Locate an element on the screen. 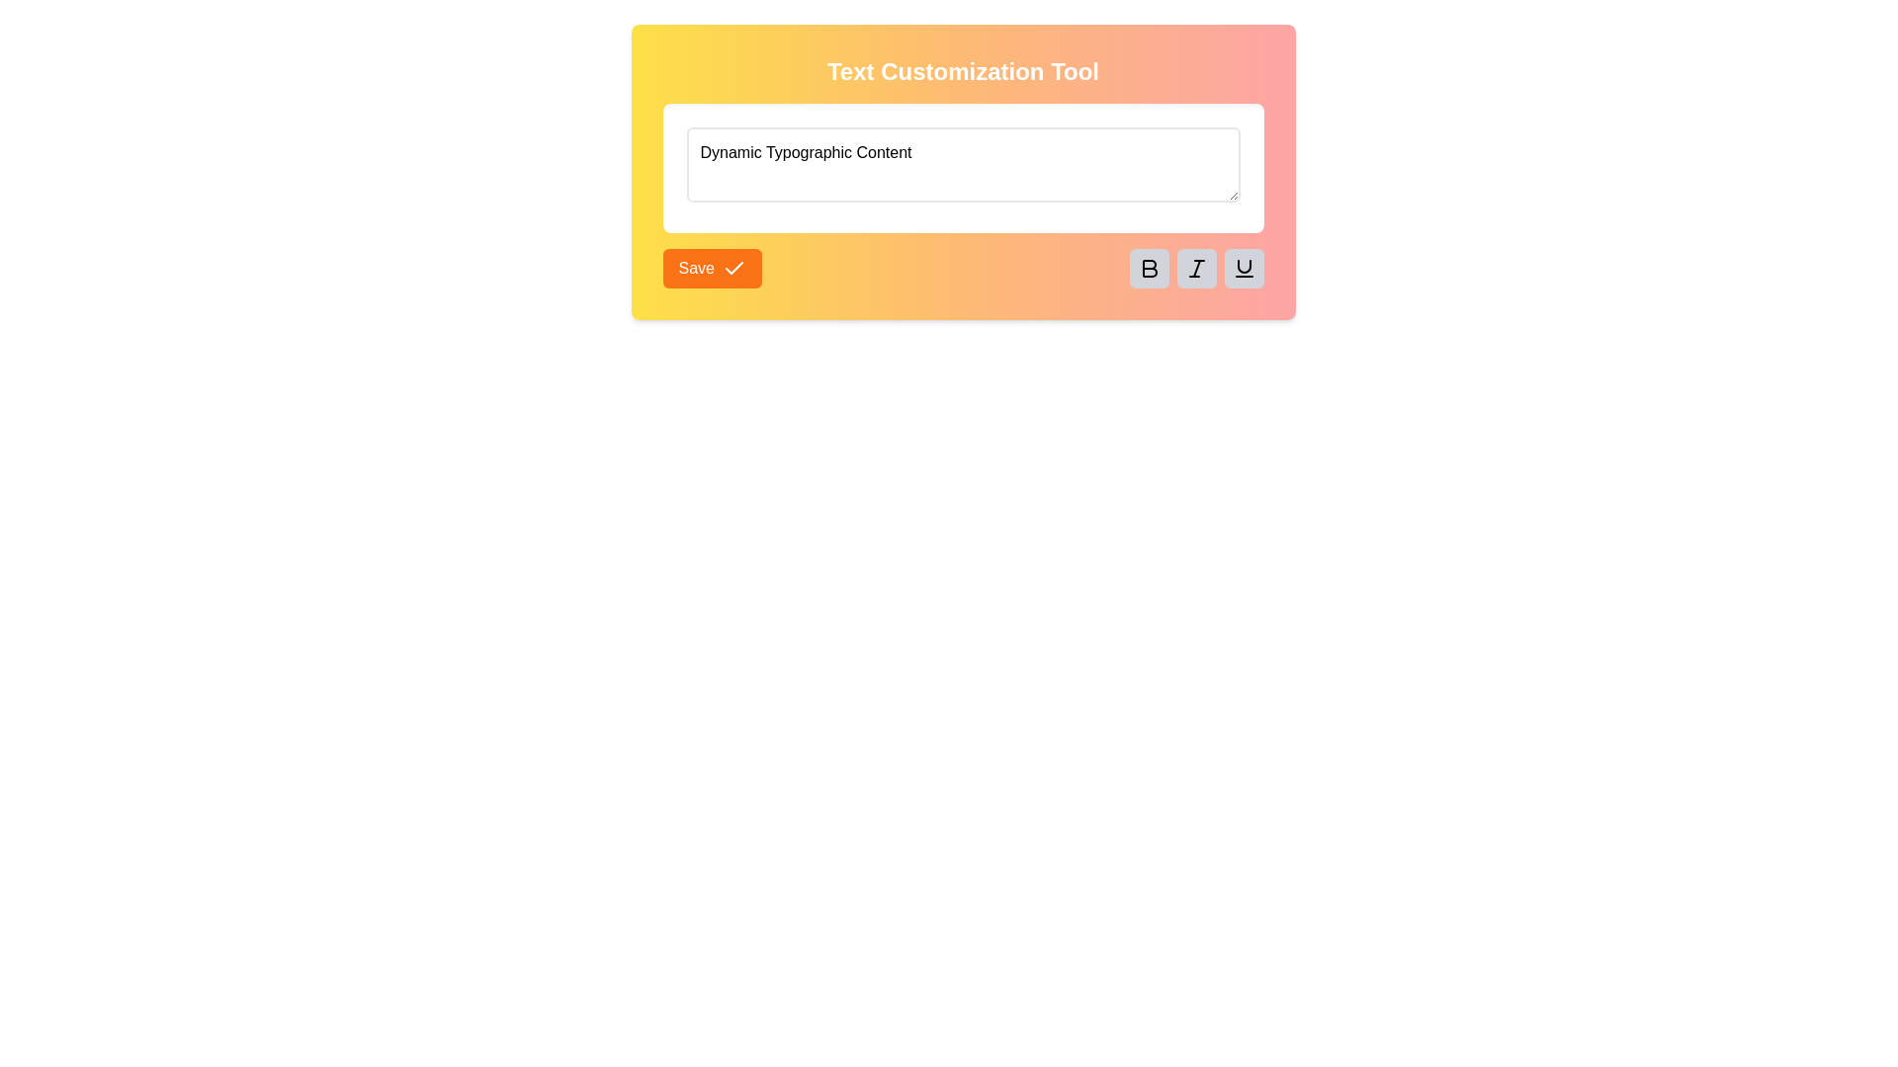  the italic formatting icon located centrally within the text customization toolbar to apply italic formatting is located at coordinates (1195, 269).